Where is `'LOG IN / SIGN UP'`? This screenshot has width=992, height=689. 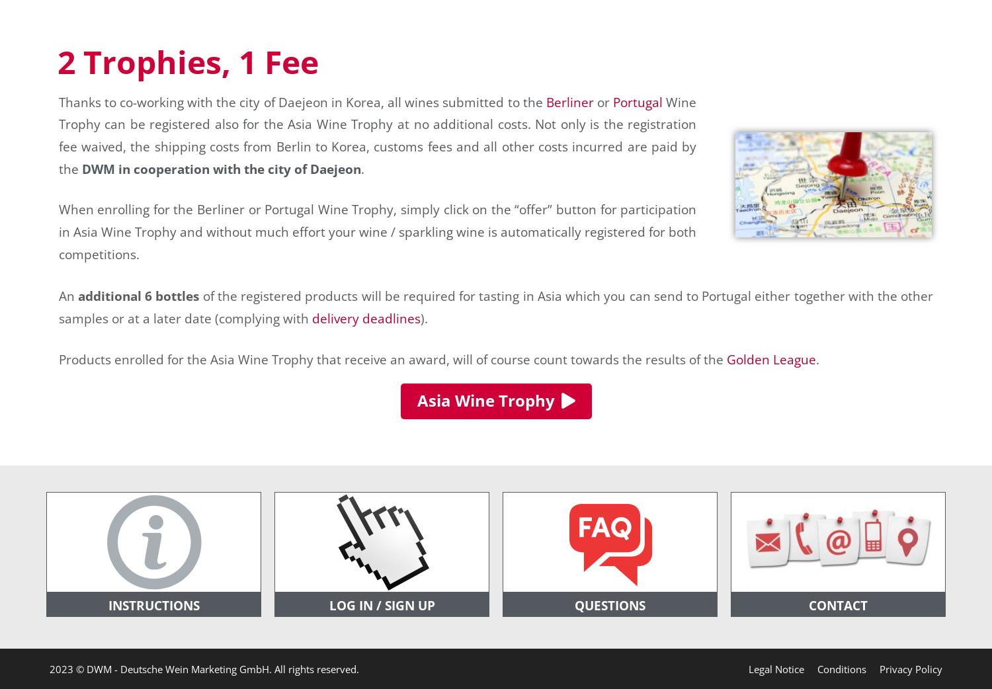 'LOG IN / SIGN UP' is located at coordinates (381, 604).